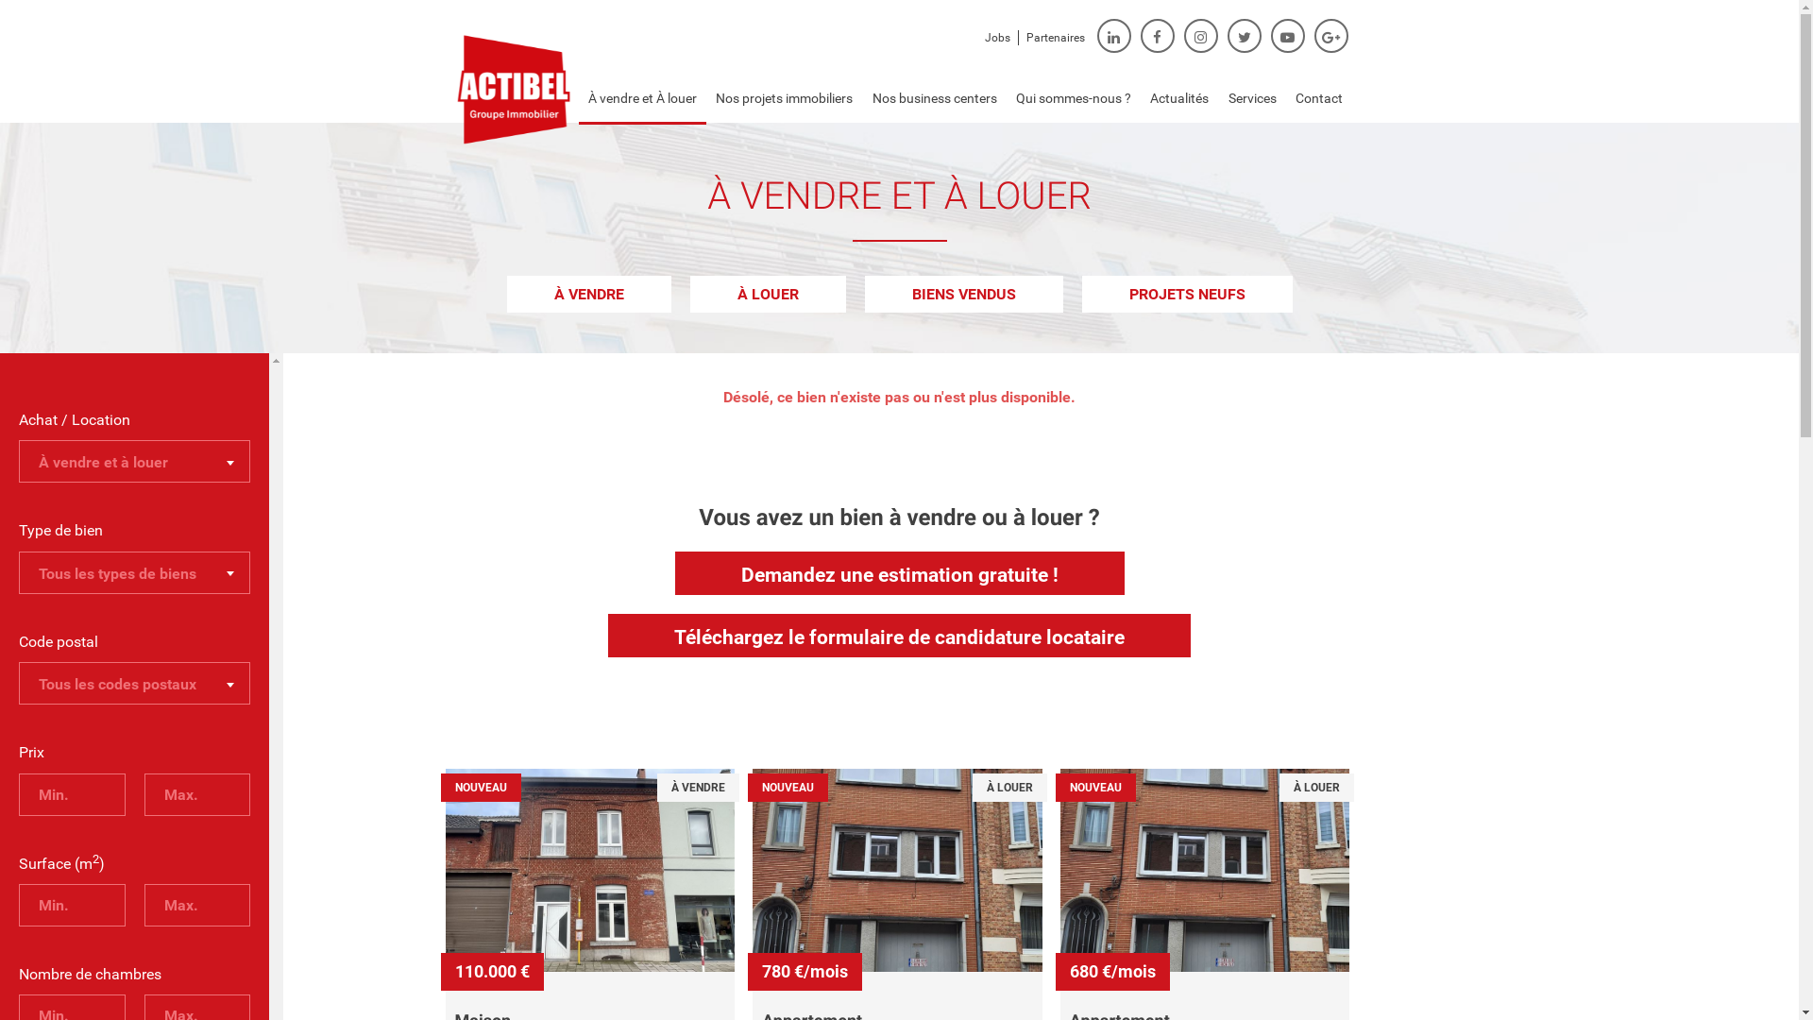 This screenshot has height=1020, width=1813. I want to click on 'YouTube', so click(1286, 36).